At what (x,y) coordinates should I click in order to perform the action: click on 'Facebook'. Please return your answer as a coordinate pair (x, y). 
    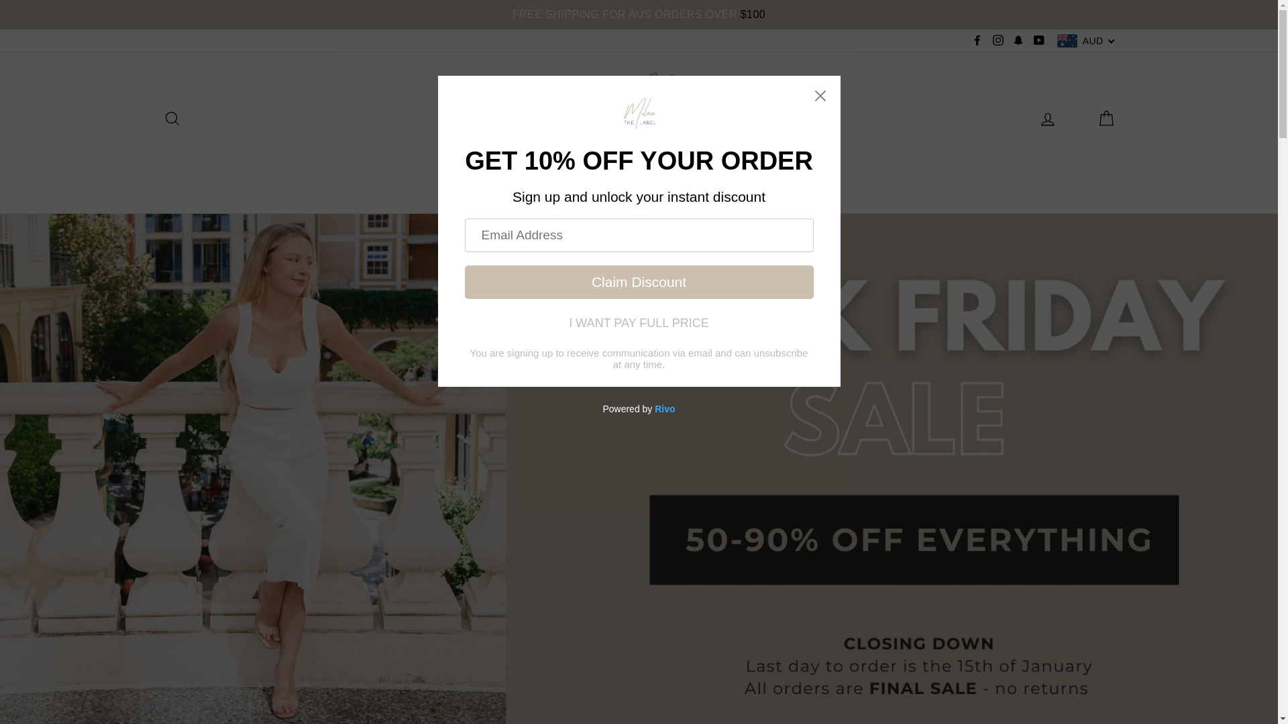
    Looking at the image, I should click on (977, 40).